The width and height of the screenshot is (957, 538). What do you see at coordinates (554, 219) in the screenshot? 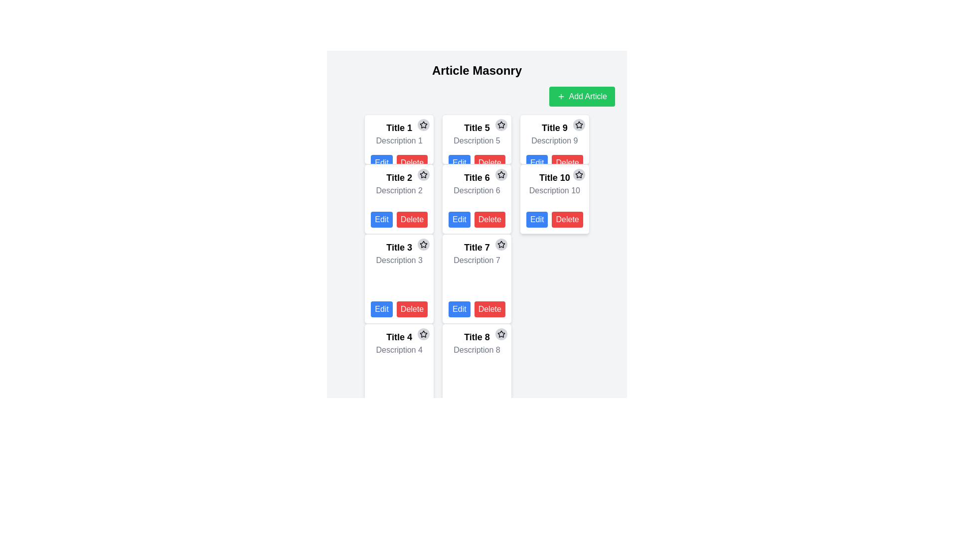
I see `the button group located at the bottom-right area of the card labeled 'Title 10'` at bounding box center [554, 219].